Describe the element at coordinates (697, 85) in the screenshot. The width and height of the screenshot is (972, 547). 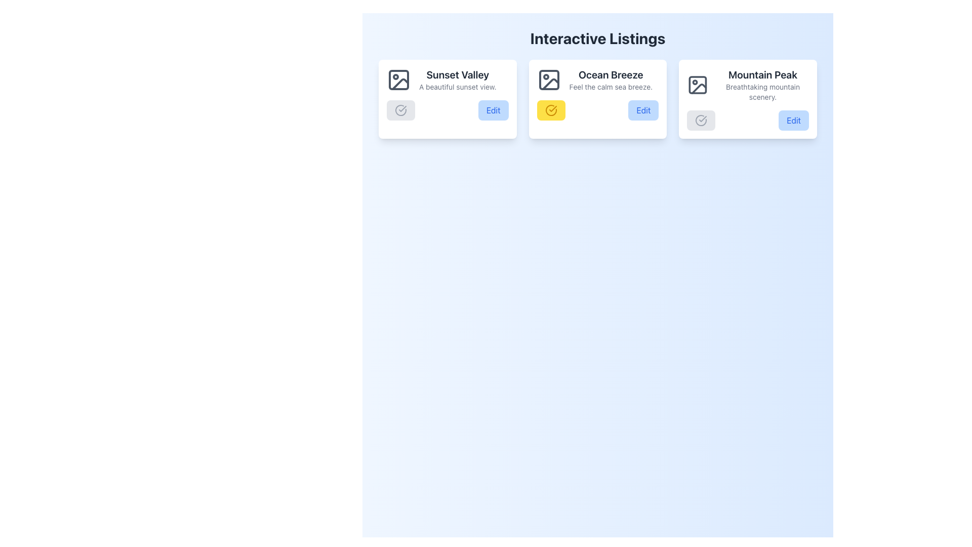
I see `the decorative visual element within the 'Mountain Peak' card, which features a rectangular shape and is outlined in red, located to the left of the card's text content` at that location.